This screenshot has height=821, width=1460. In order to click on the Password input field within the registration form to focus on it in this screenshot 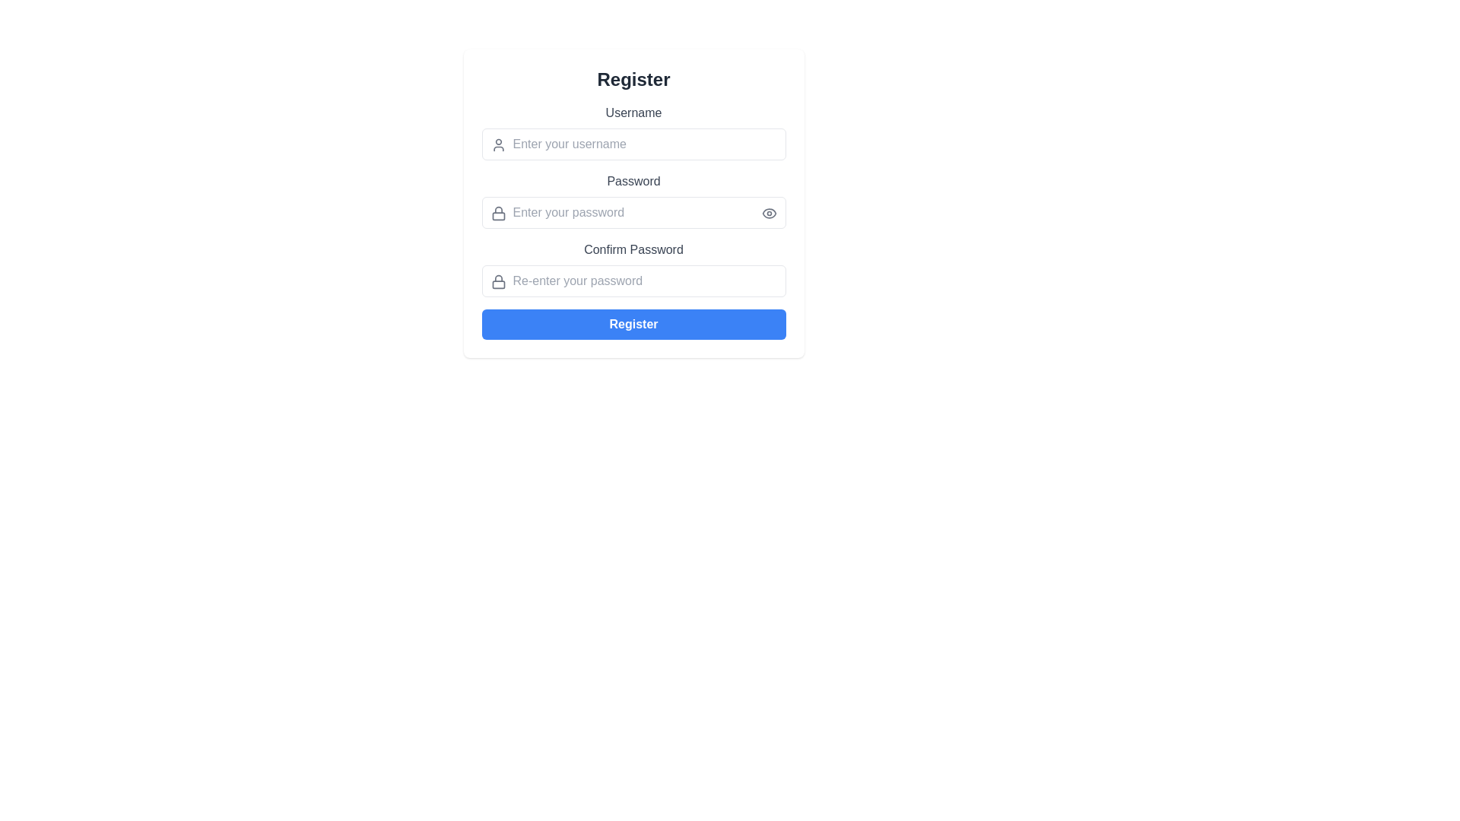, I will do `click(633, 199)`.